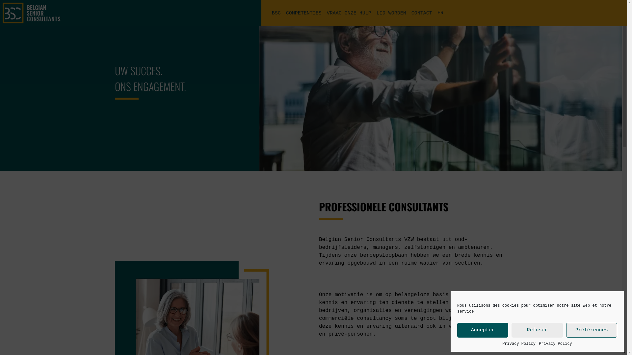 The width and height of the screenshot is (632, 355). What do you see at coordinates (440, 13) in the screenshot?
I see `'FR'` at bounding box center [440, 13].